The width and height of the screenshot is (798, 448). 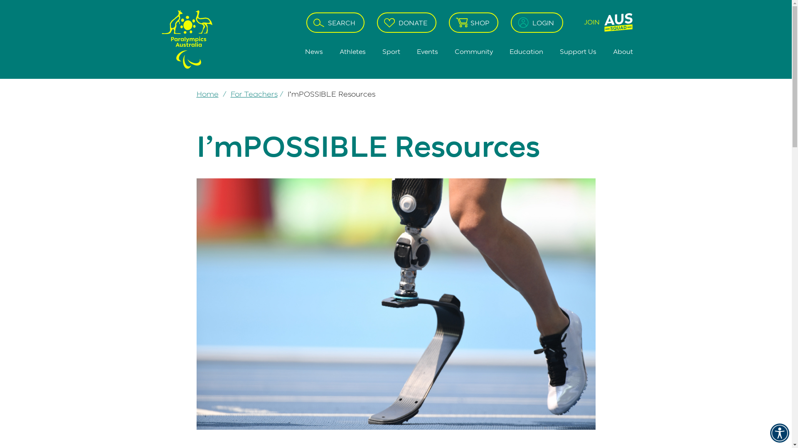 What do you see at coordinates (187, 38) in the screenshot?
I see `'Go back to Home Page'` at bounding box center [187, 38].